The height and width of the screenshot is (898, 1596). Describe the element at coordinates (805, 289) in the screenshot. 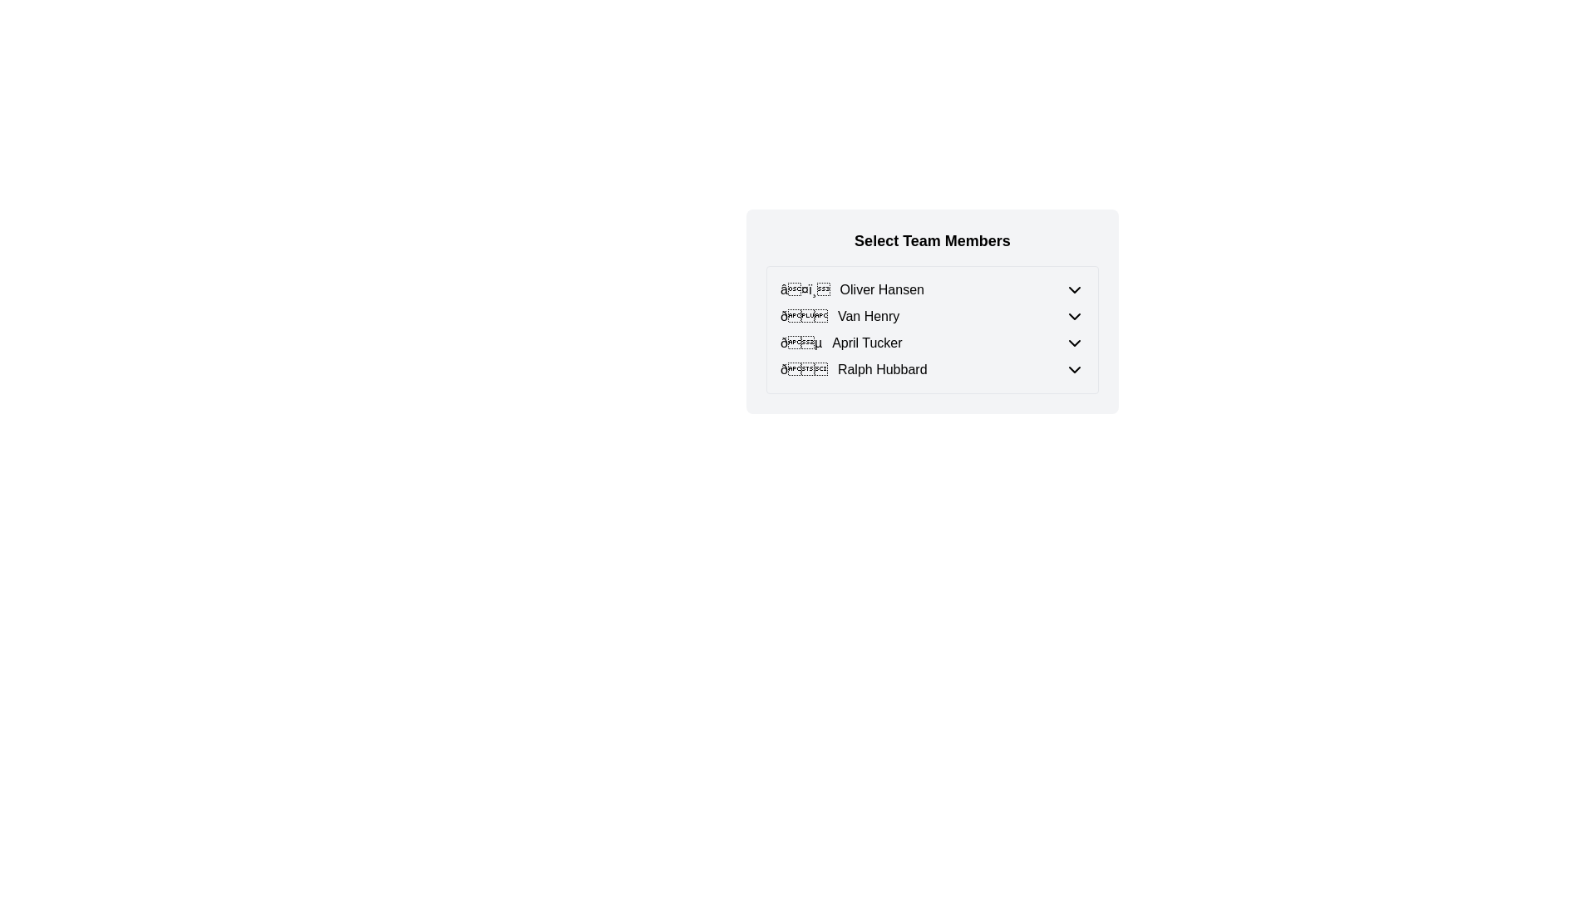

I see `the decorative icon representing a favorite status, which is located to the left of the text 'Oliver Hansen'` at that location.